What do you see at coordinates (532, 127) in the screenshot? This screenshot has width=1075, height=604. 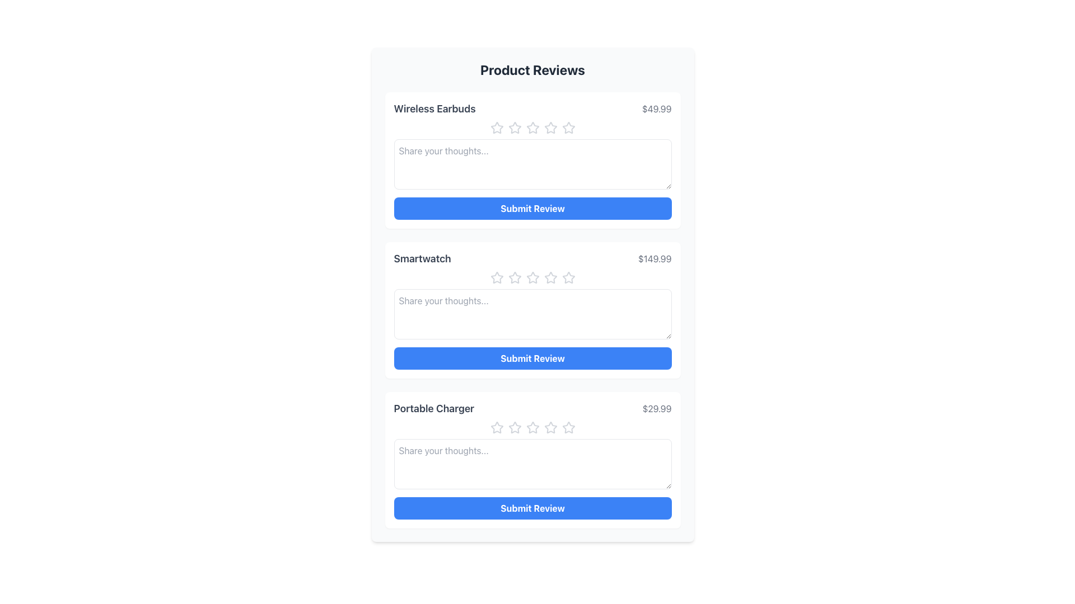 I see `the third star icon in the row of five stars under the title 'Wireless Earbuds'` at bounding box center [532, 127].